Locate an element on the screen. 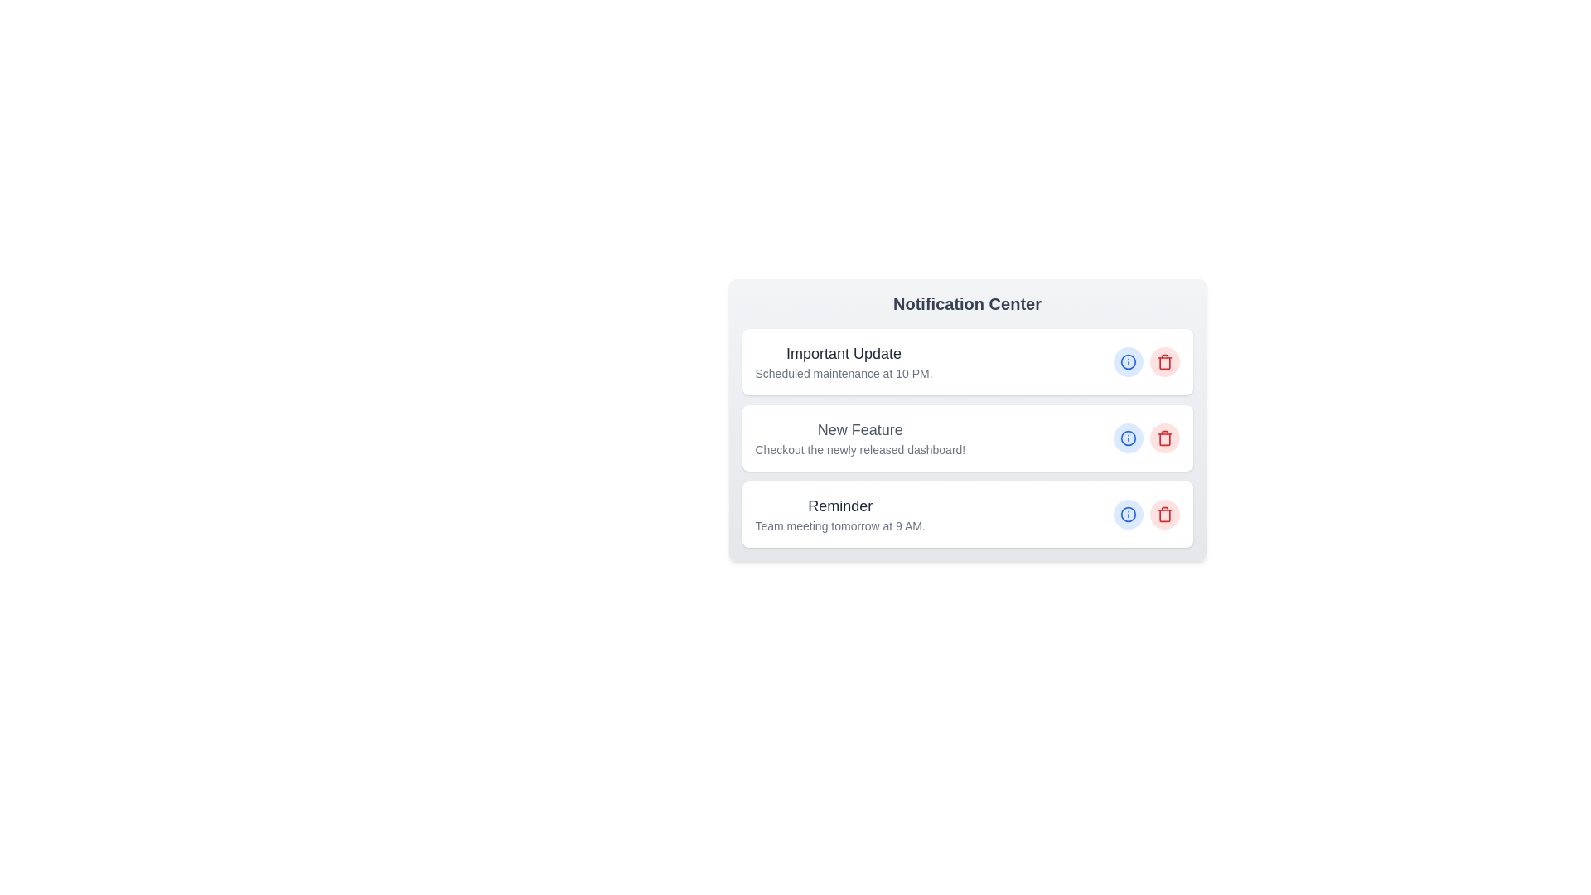 The image size is (1591, 895). delete button next to the item titled 'Reminder' to remove it from the list is located at coordinates (1163, 514).